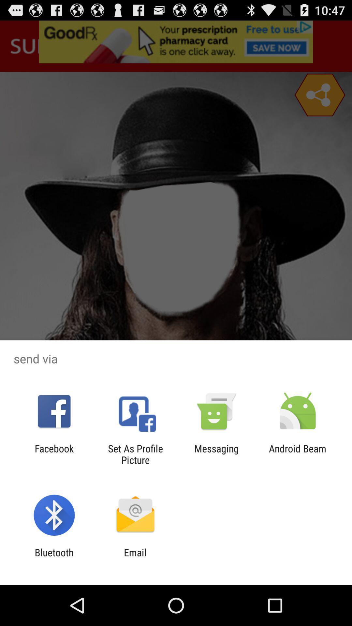 The width and height of the screenshot is (352, 626). I want to click on app next to messaging, so click(298, 454).